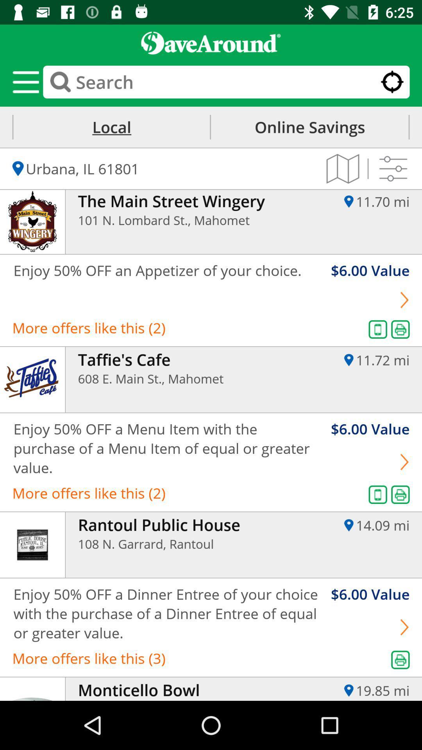  What do you see at coordinates (393, 168) in the screenshot?
I see `the sliders icon` at bounding box center [393, 168].